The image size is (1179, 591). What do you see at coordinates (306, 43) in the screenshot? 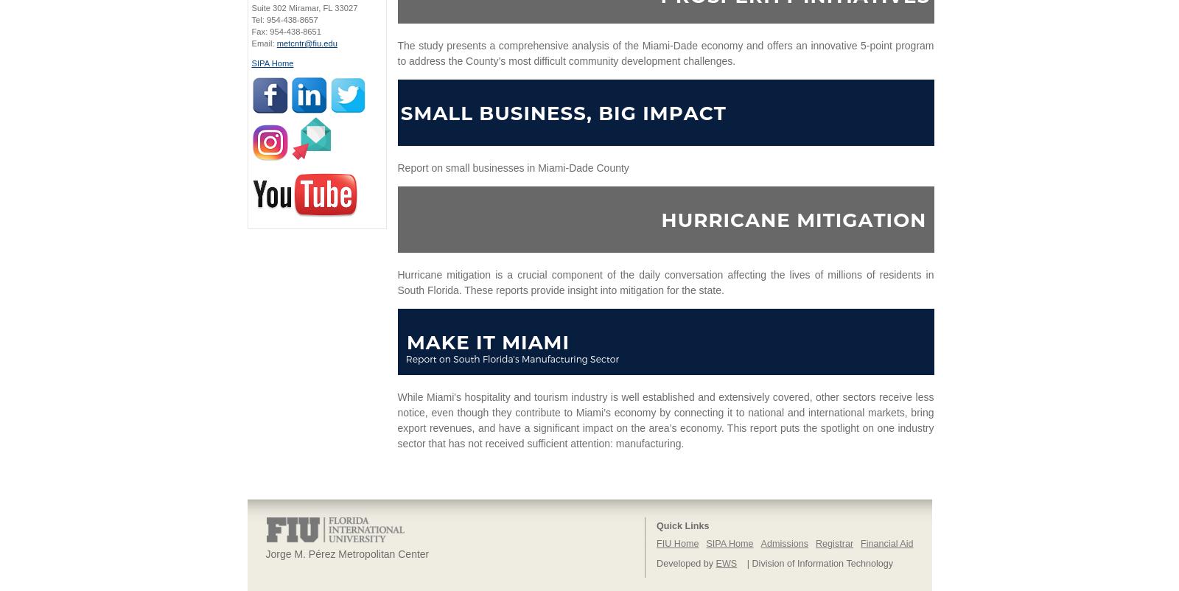
I see `'metcntr@fiu.edu'` at bounding box center [306, 43].